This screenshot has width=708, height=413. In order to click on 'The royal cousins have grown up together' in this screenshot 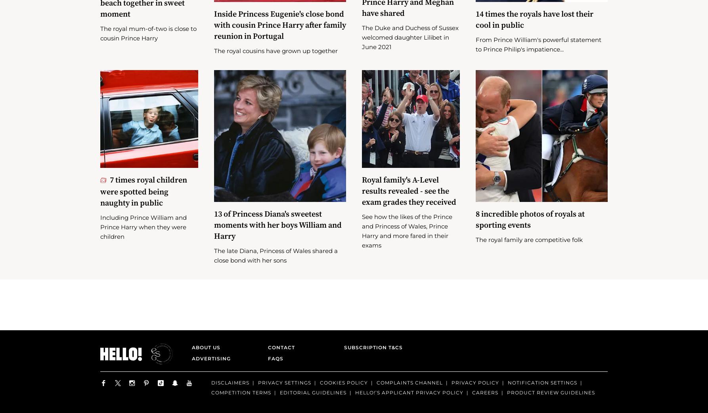, I will do `click(275, 62)`.